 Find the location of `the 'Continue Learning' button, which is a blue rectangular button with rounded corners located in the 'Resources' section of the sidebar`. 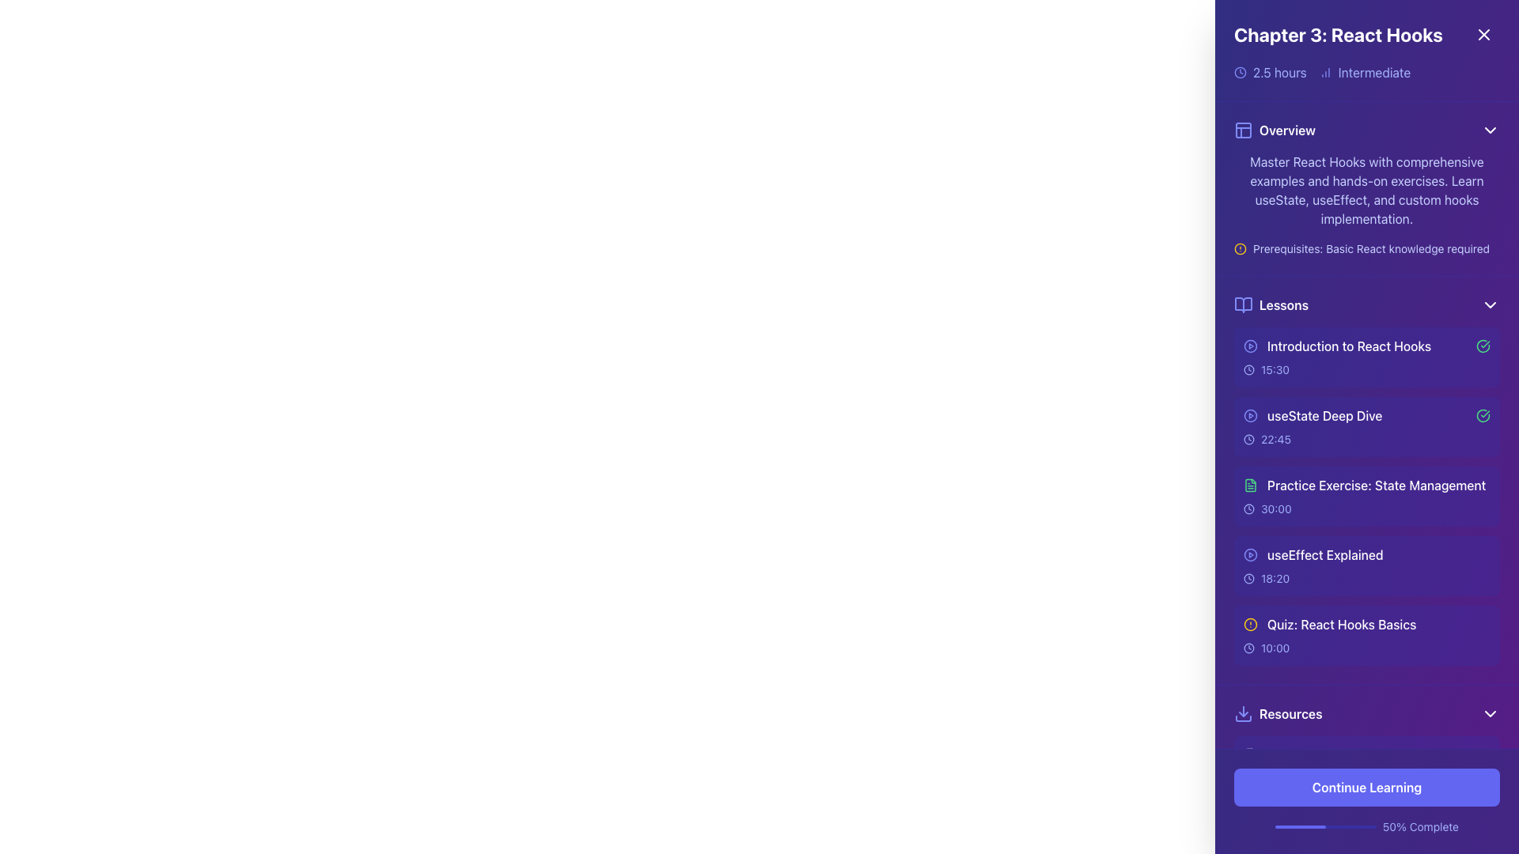

the 'Continue Learning' button, which is a blue rectangular button with rounded corners located in the 'Resources' section of the sidebar is located at coordinates (1366, 777).